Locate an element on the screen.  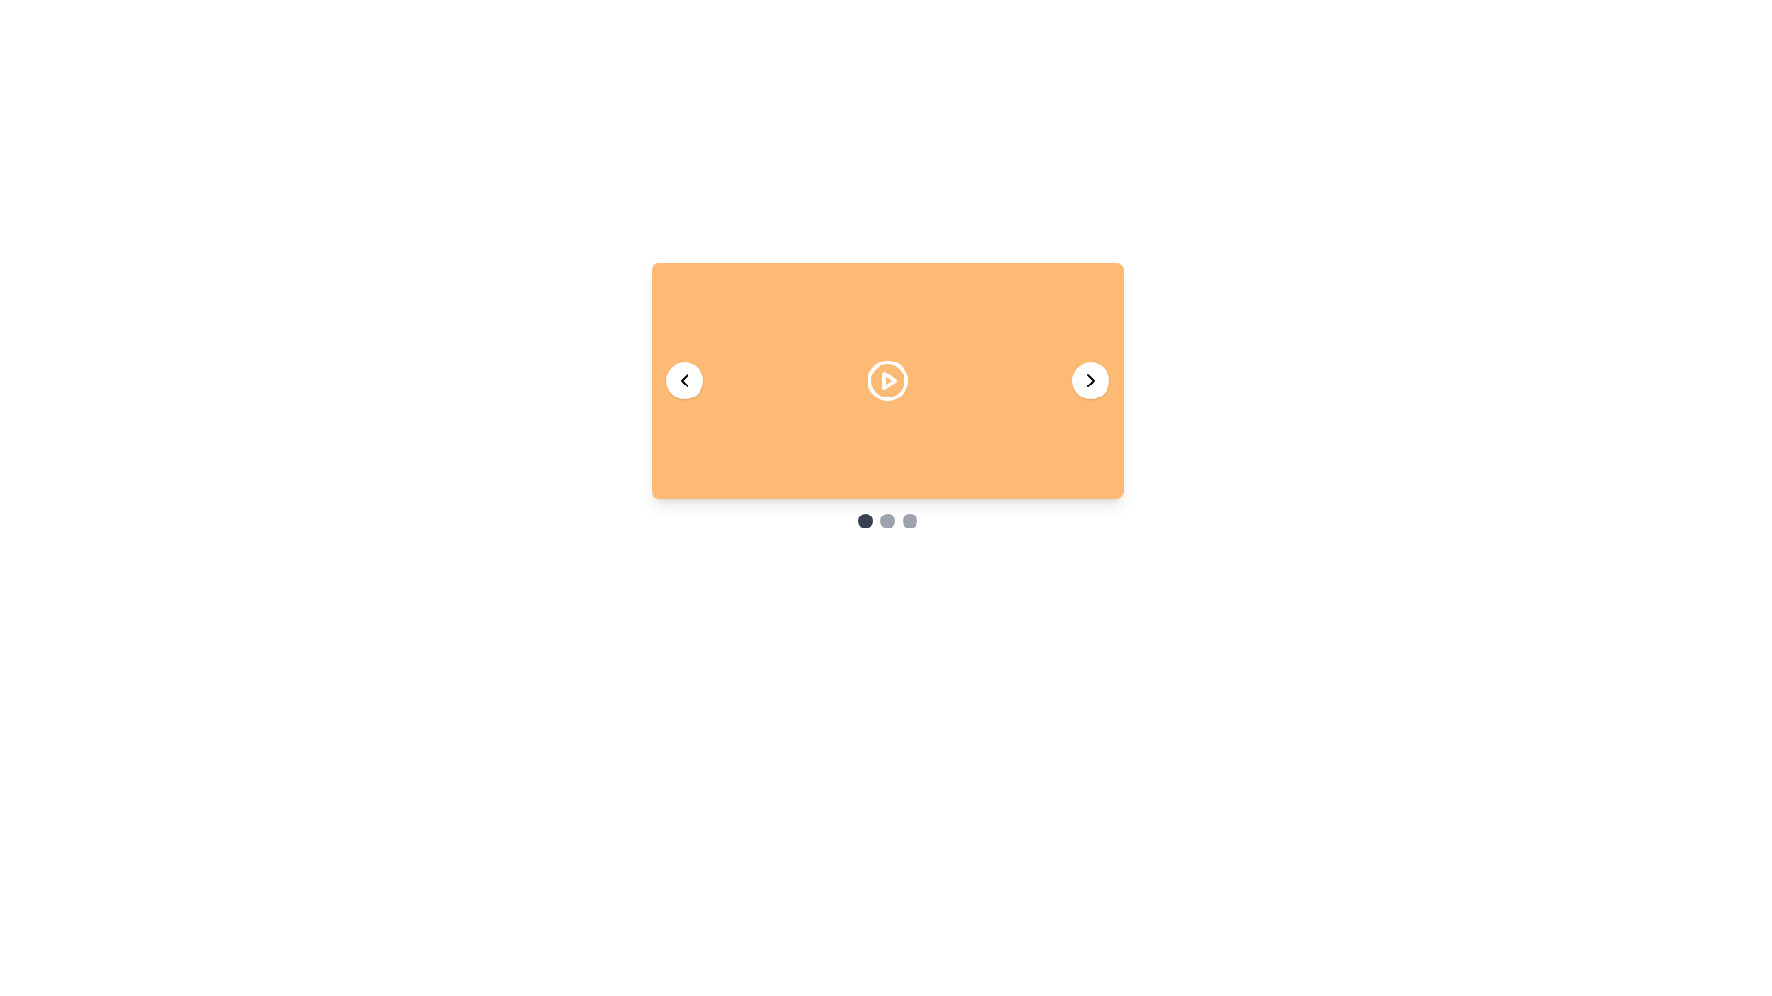
the rightmost navigation icon embedded in the button, which is part of a set of three buttons in an orange rectangular area is located at coordinates (1090, 379).